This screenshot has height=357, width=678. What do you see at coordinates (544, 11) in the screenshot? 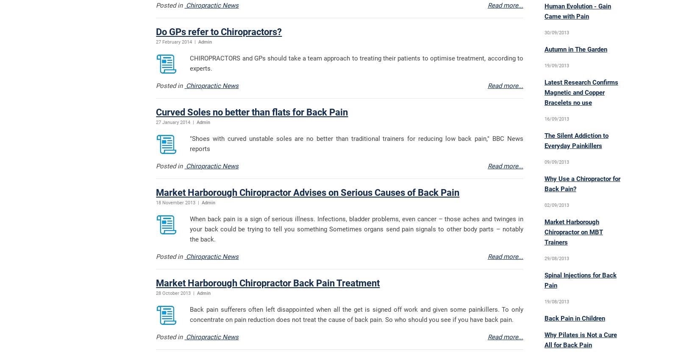
I see `'Human Evolution - Gain Came with Pain'` at bounding box center [544, 11].